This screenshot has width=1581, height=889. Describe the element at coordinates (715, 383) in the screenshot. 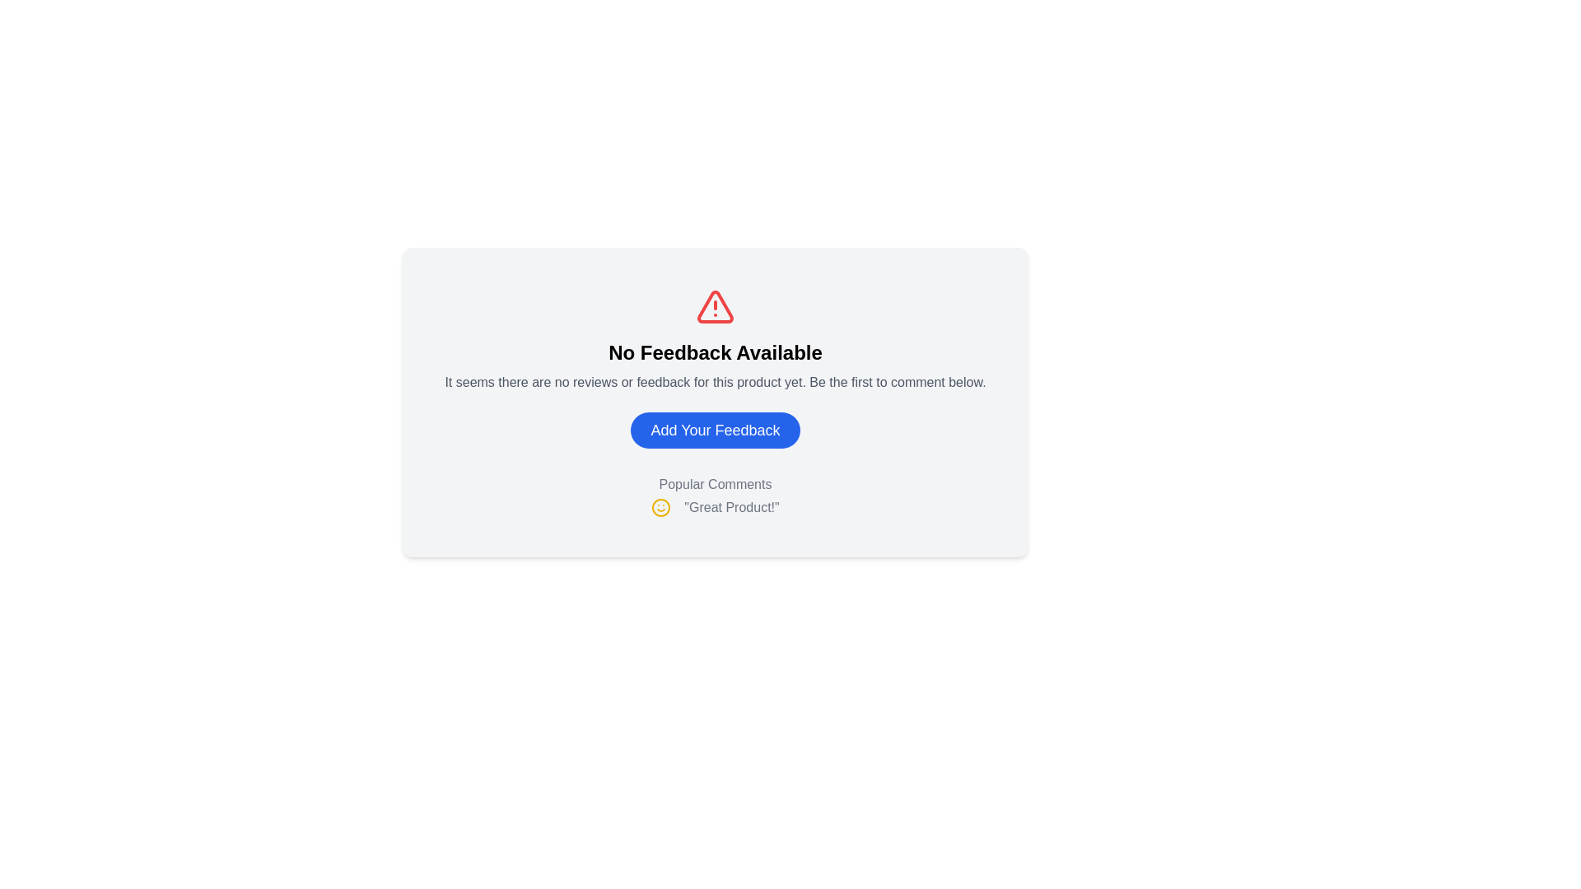

I see `the informational text element below the heading 'No Feedback Available'` at that location.